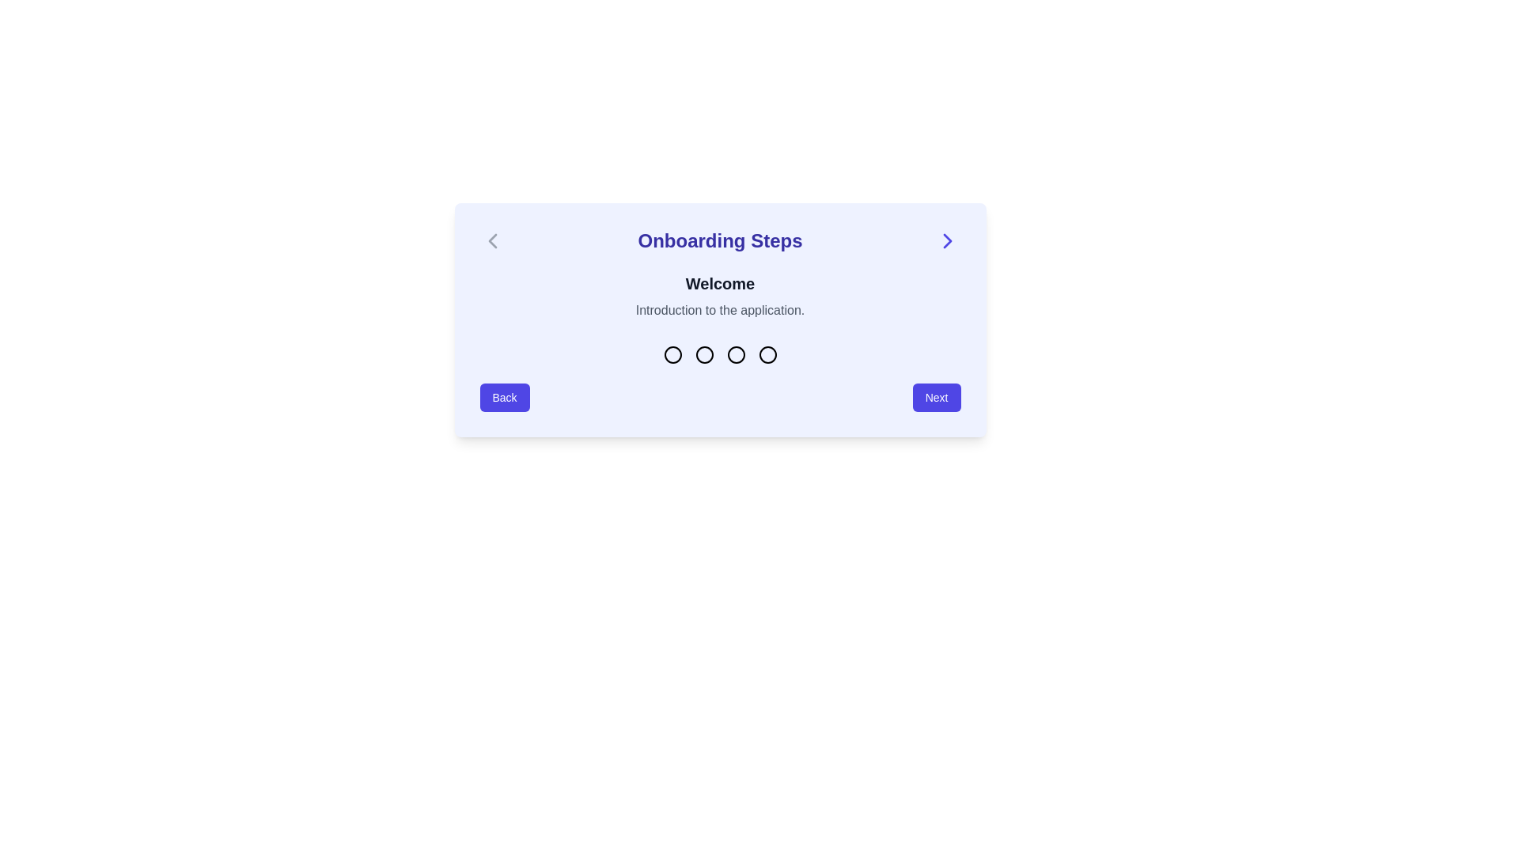  Describe the element at coordinates (735, 353) in the screenshot. I see `the third circular progress indicator dot, which is part of a horizontal group of four circles located centrally beneath the heading 'Onboarding Steps'` at that location.